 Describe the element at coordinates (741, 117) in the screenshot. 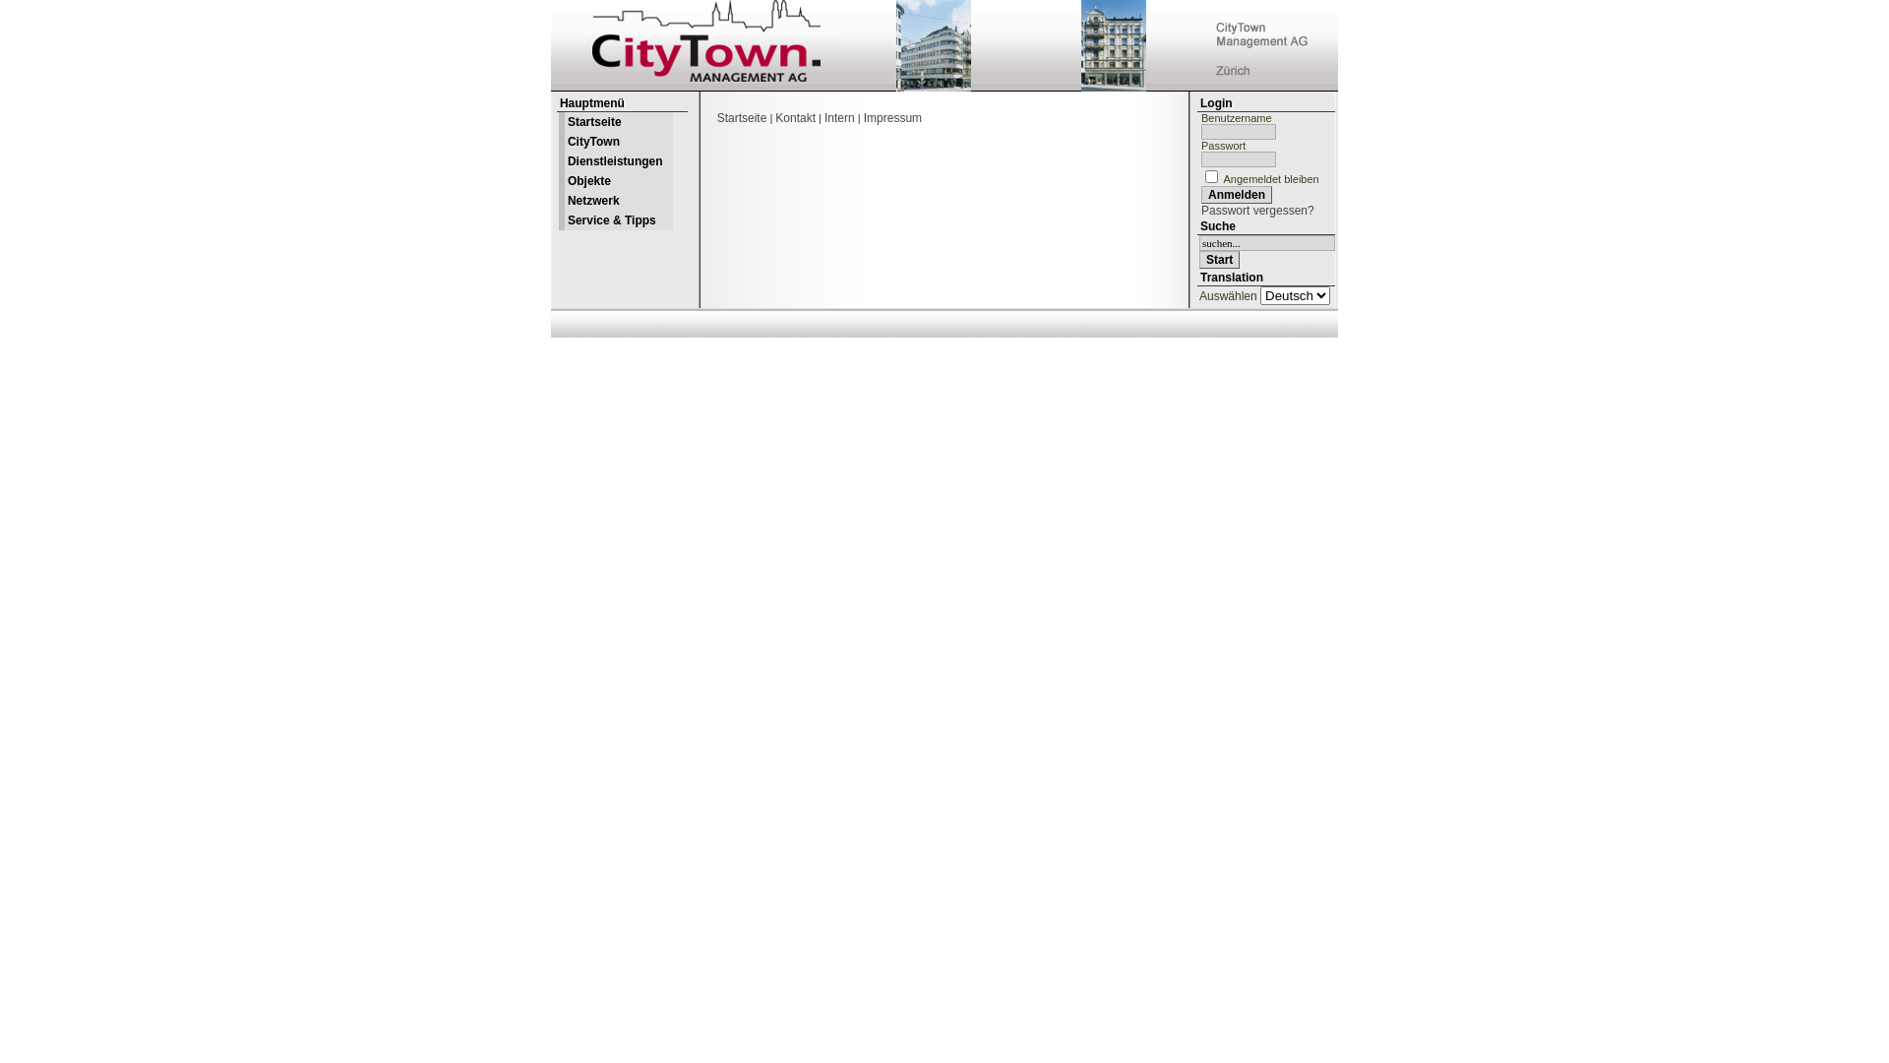

I see `'Startseite'` at that location.